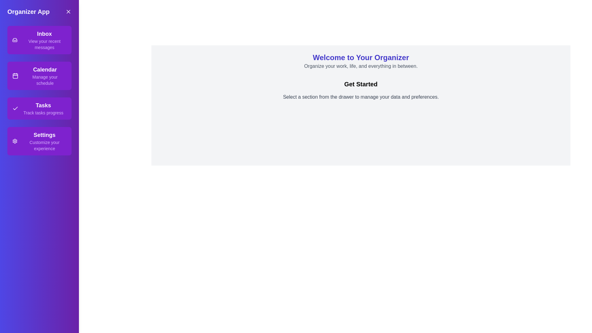 Image resolution: width=592 pixels, height=333 pixels. What do you see at coordinates (39, 141) in the screenshot?
I see `the section Settings from the drawer` at bounding box center [39, 141].